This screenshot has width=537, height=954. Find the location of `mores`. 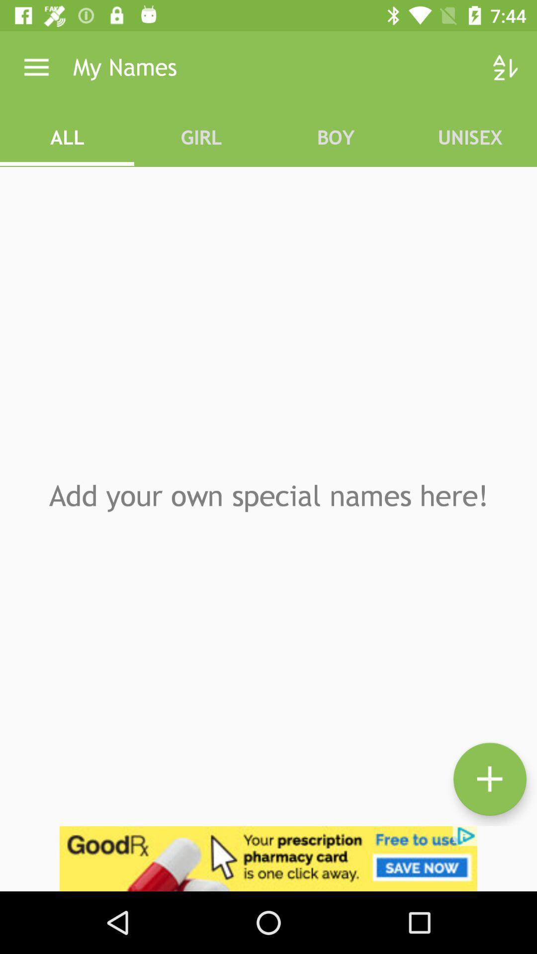

mores is located at coordinates (489, 779).